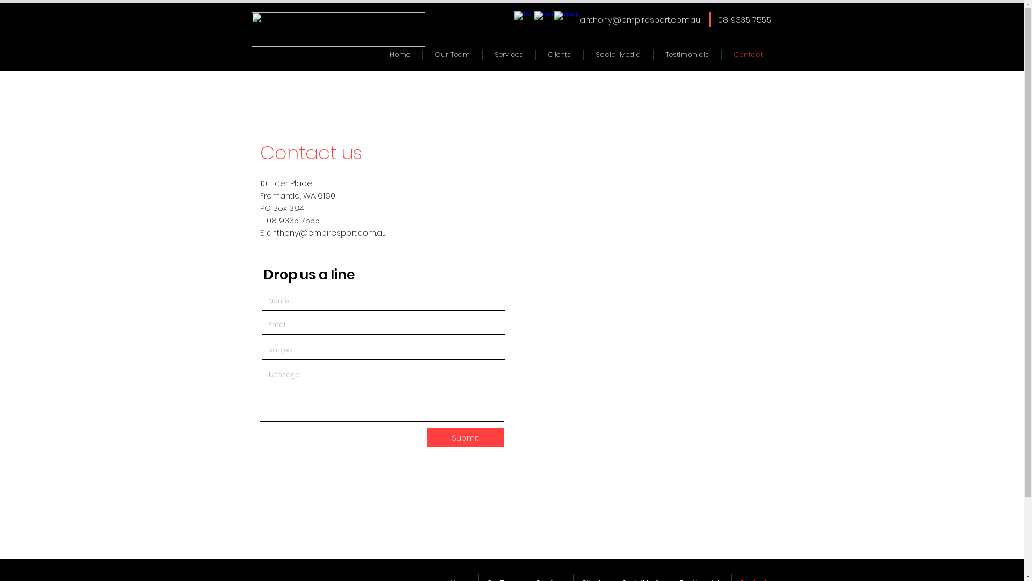  What do you see at coordinates (618, 54) in the screenshot?
I see `'Social Media'` at bounding box center [618, 54].